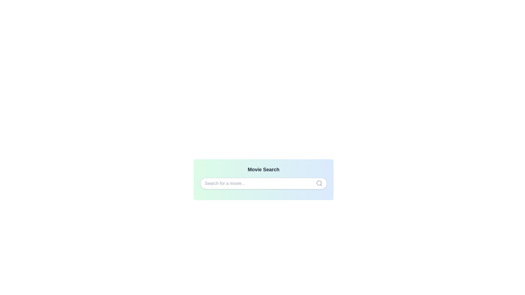 The height and width of the screenshot is (295, 525). Describe the element at coordinates (264, 180) in the screenshot. I see `the input field of the 'Movie Search' panel to focus on it` at that location.